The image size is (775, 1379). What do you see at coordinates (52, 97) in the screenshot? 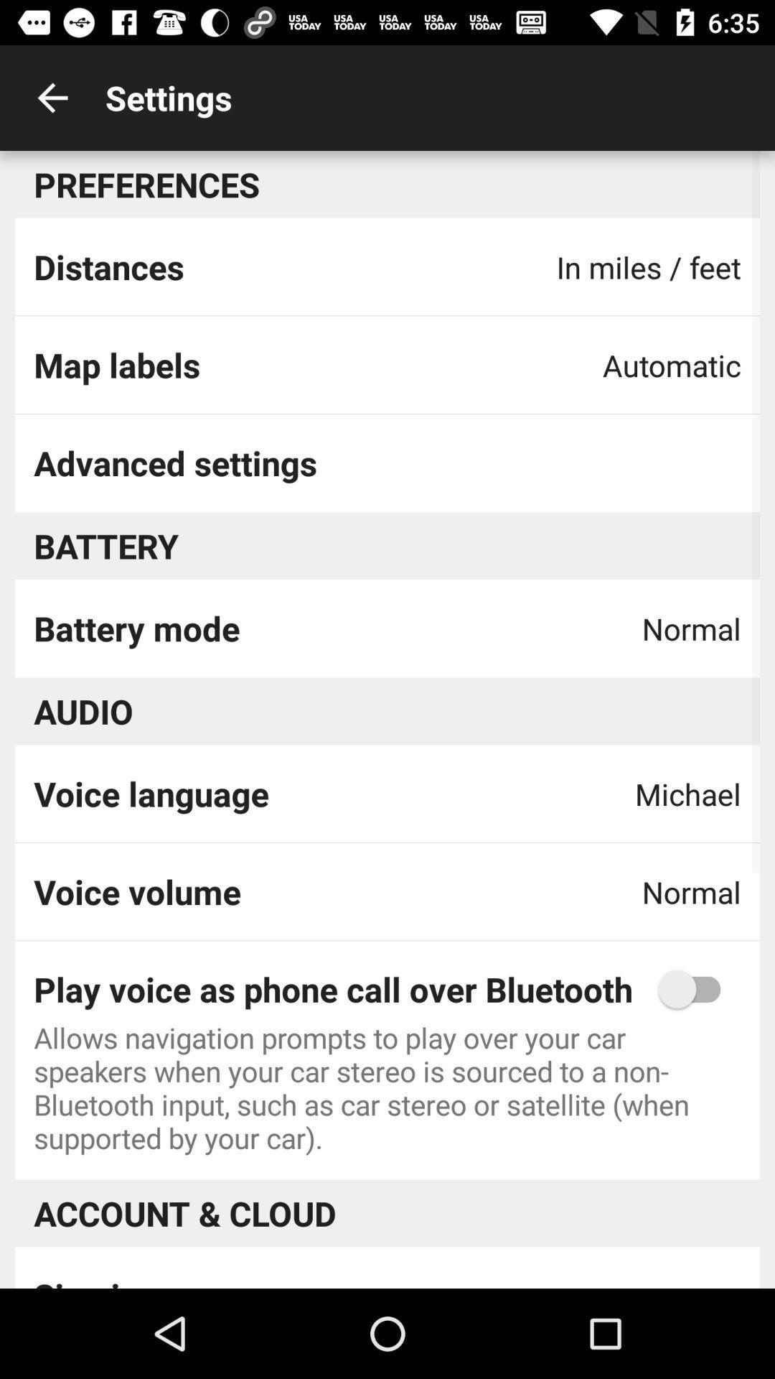
I see `the item to the left of settings icon` at bounding box center [52, 97].